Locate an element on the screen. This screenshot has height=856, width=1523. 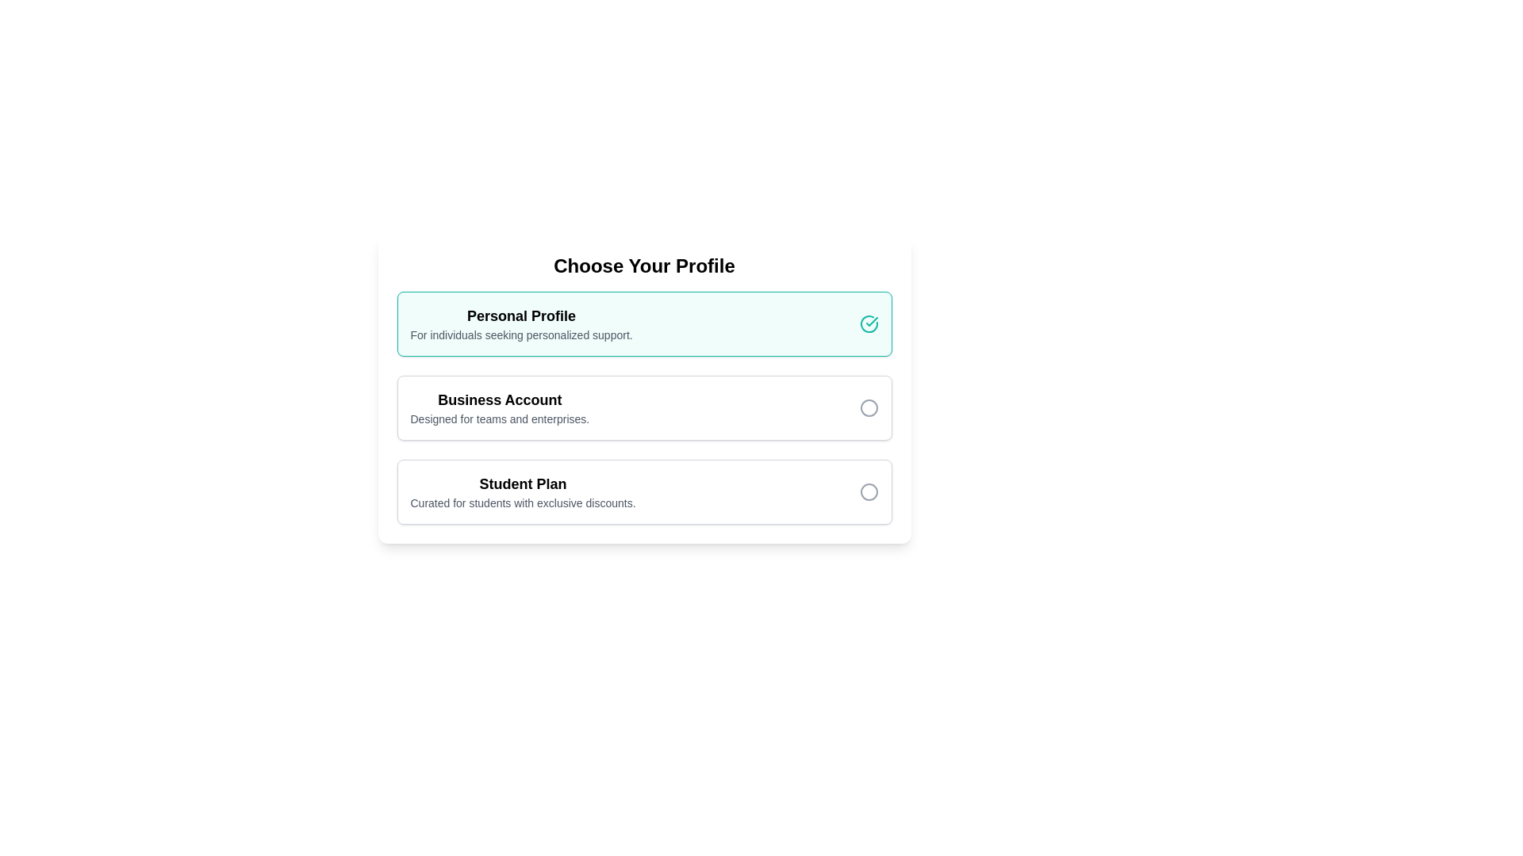
the text element that reads 'For individuals seeking personalized support.' located directly under the 'Personal Profile' title in the selected option box is located at coordinates (521, 334).